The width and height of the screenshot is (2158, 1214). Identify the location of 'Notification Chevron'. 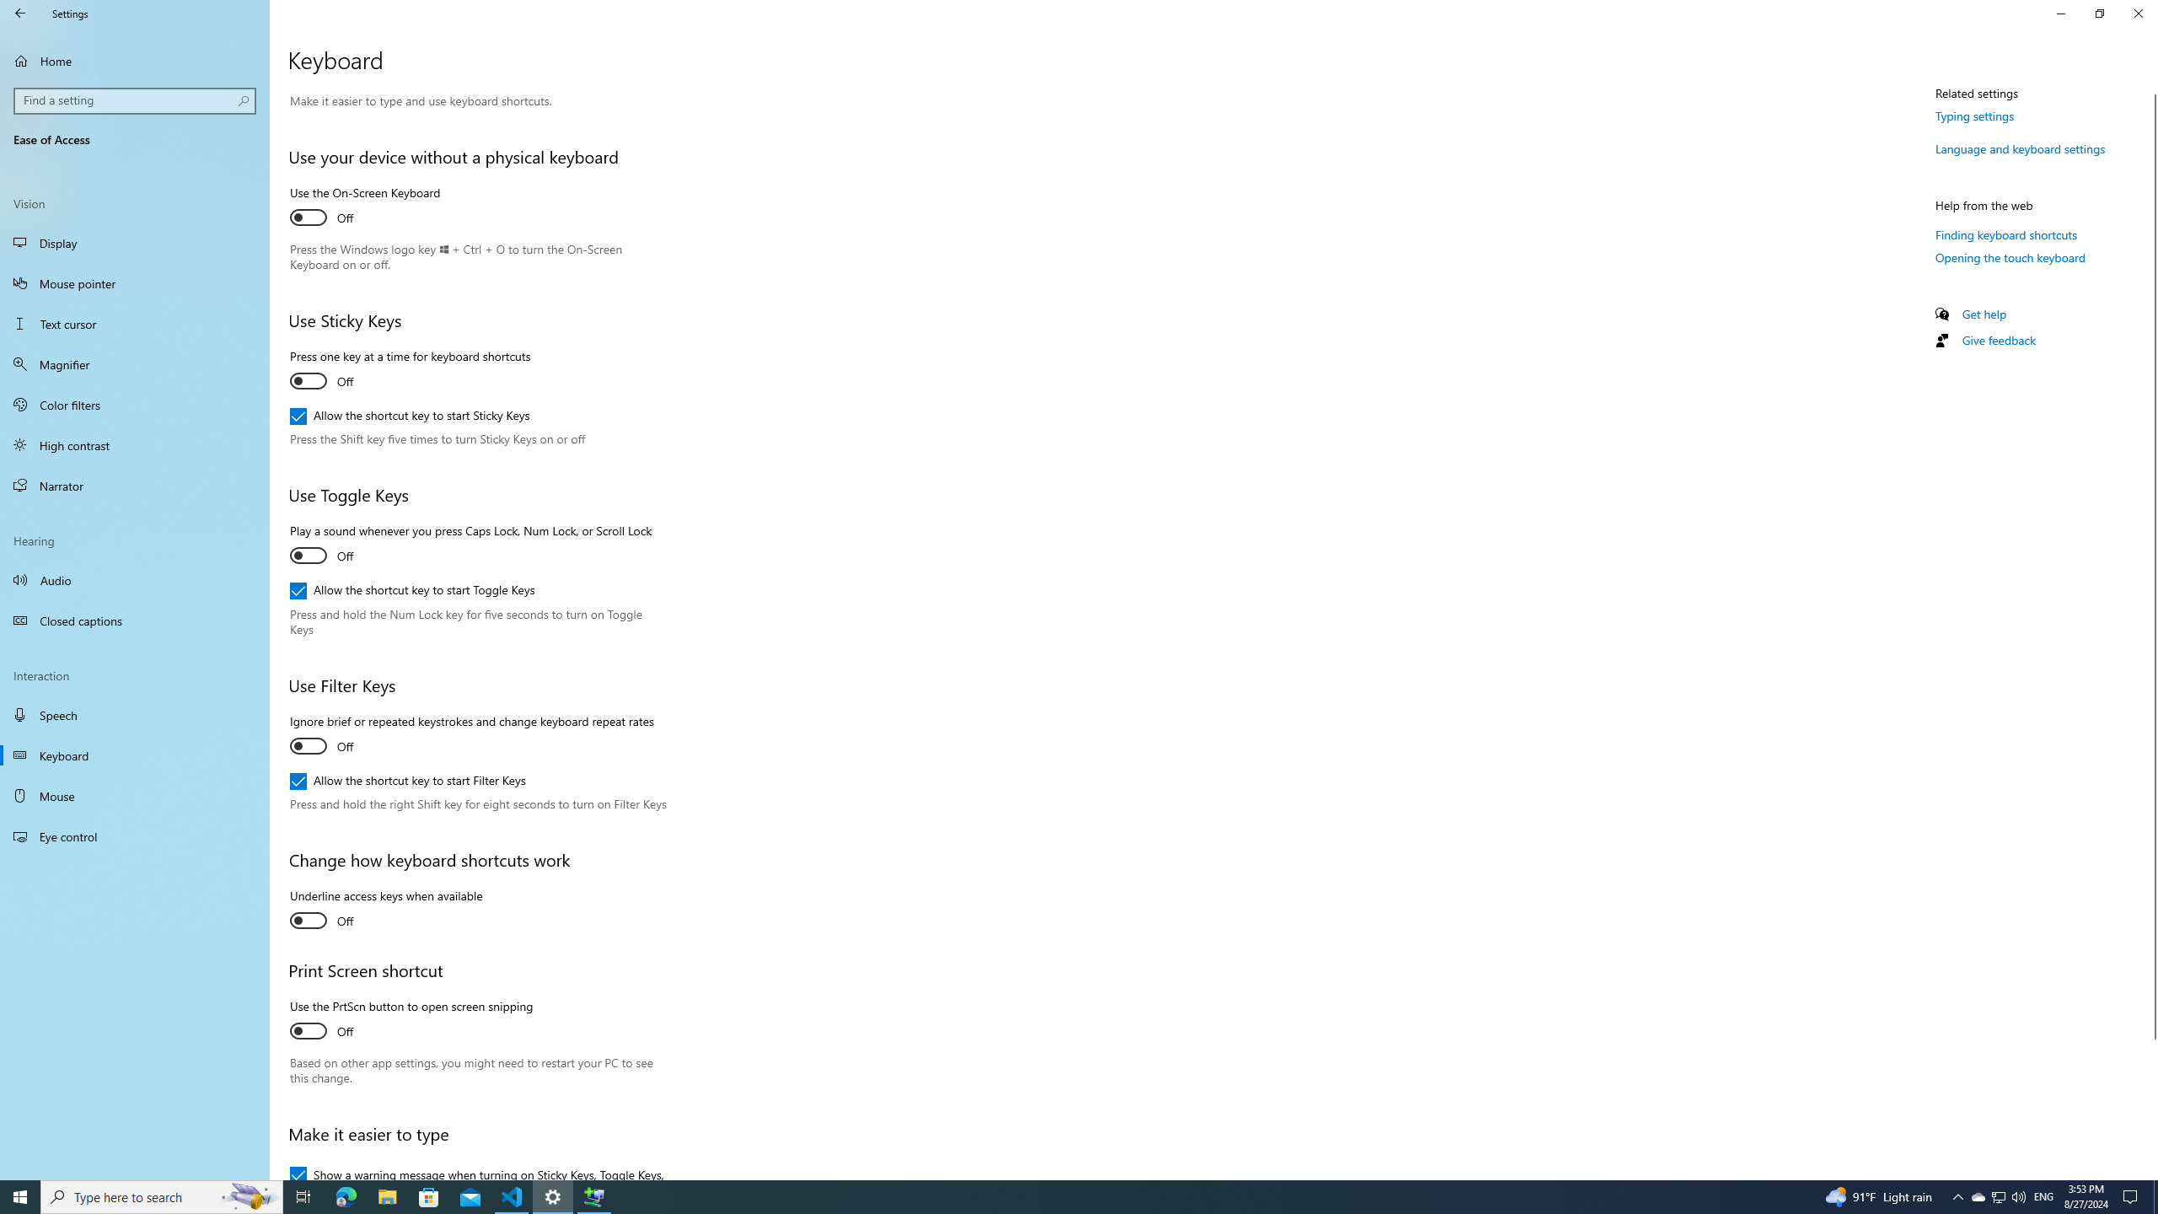
(1958, 1195).